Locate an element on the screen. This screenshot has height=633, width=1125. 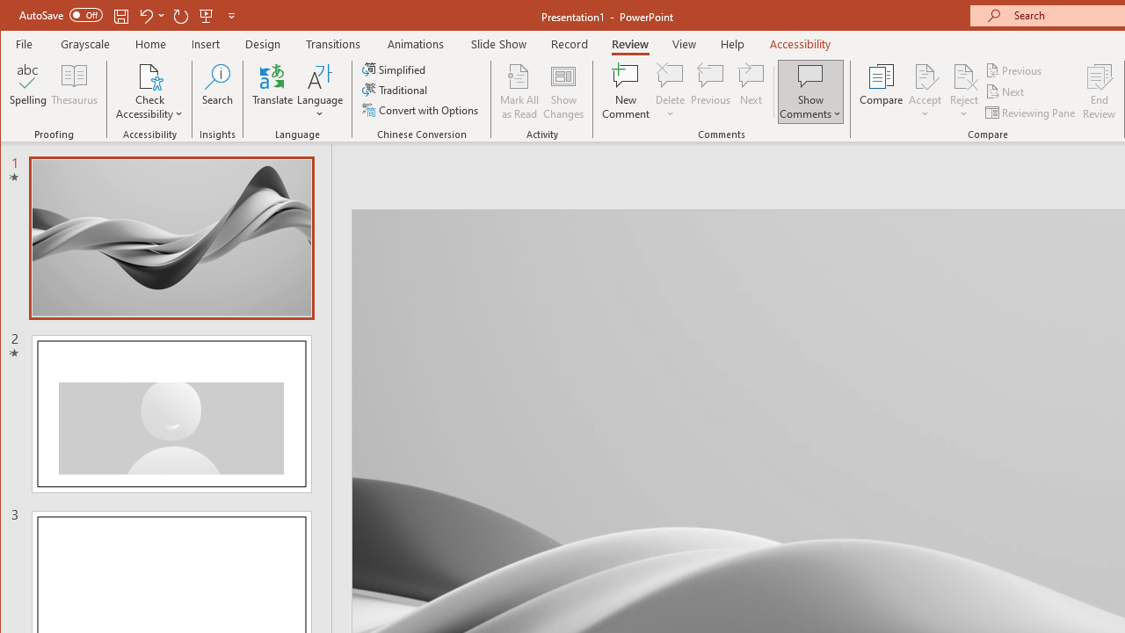
'Translate' is located at coordinates (272, 91).